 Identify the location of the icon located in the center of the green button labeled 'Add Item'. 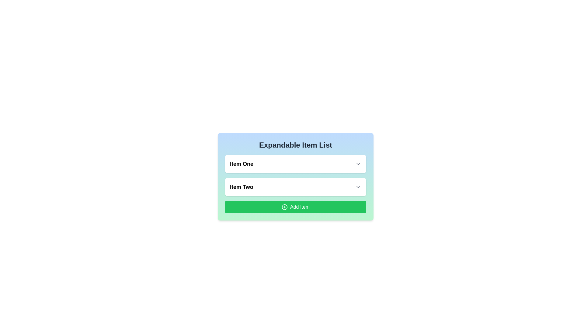
(284, 207).